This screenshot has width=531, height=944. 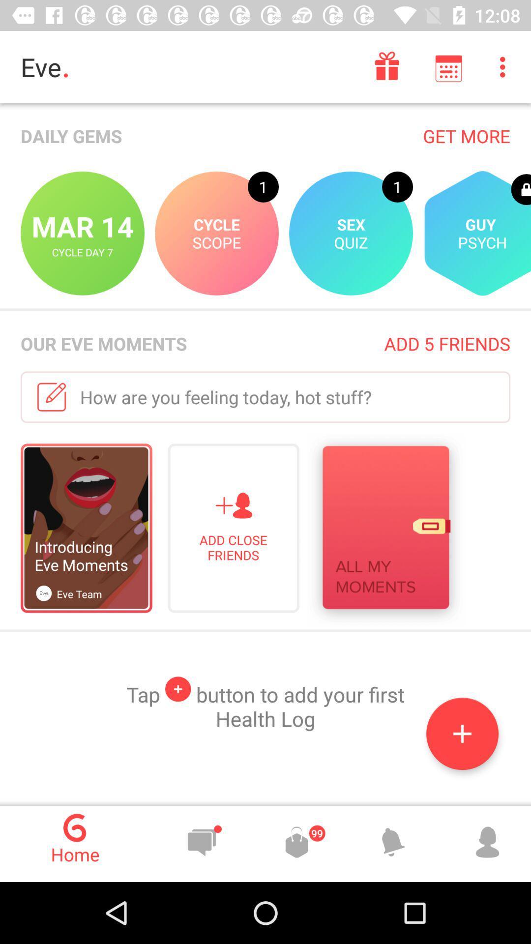 What do you see at coordinates (466, 135) in the screenshot?
I see `the get more` at bounding box center [466, 135].